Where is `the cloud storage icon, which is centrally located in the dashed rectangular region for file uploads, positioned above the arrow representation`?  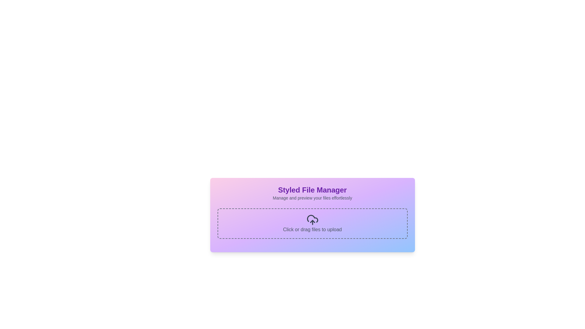
the cloud storage icon, which is centrally located in the dashed rectangular region for file uploads, positioned above the arrow representation is located at coordinates (312, 218).